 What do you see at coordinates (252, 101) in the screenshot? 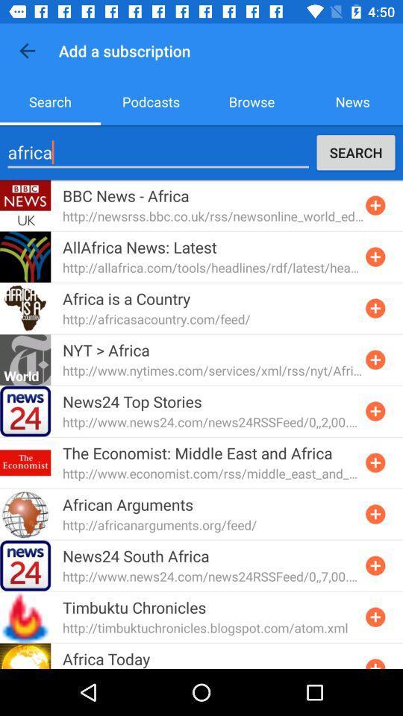
I see `the browse` at bounding box center [252, 101].